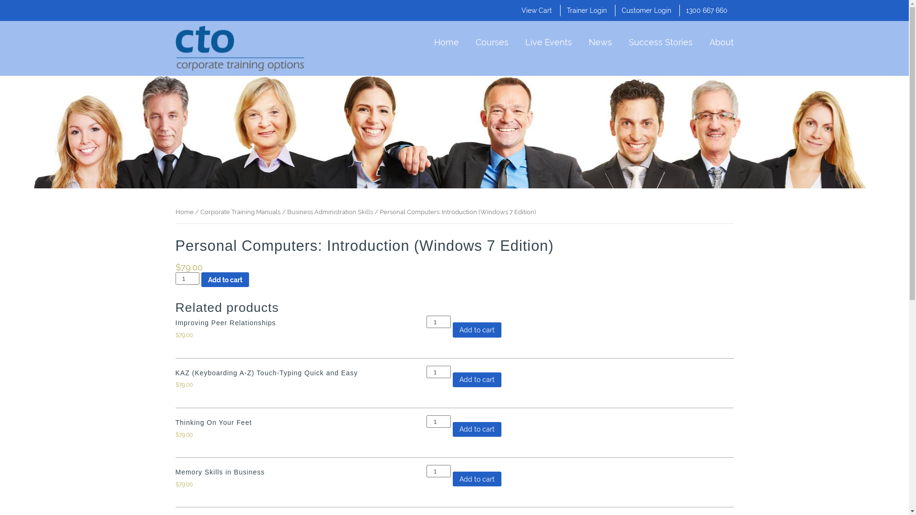  Describe the element at coordinates (286, 211) in the screenshot. I see `'Business Administration Skills'` at that location.